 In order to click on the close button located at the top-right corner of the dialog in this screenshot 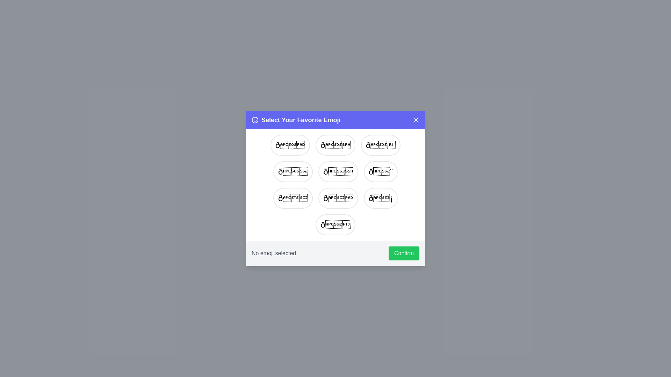, I will do `click(416, 119)`.